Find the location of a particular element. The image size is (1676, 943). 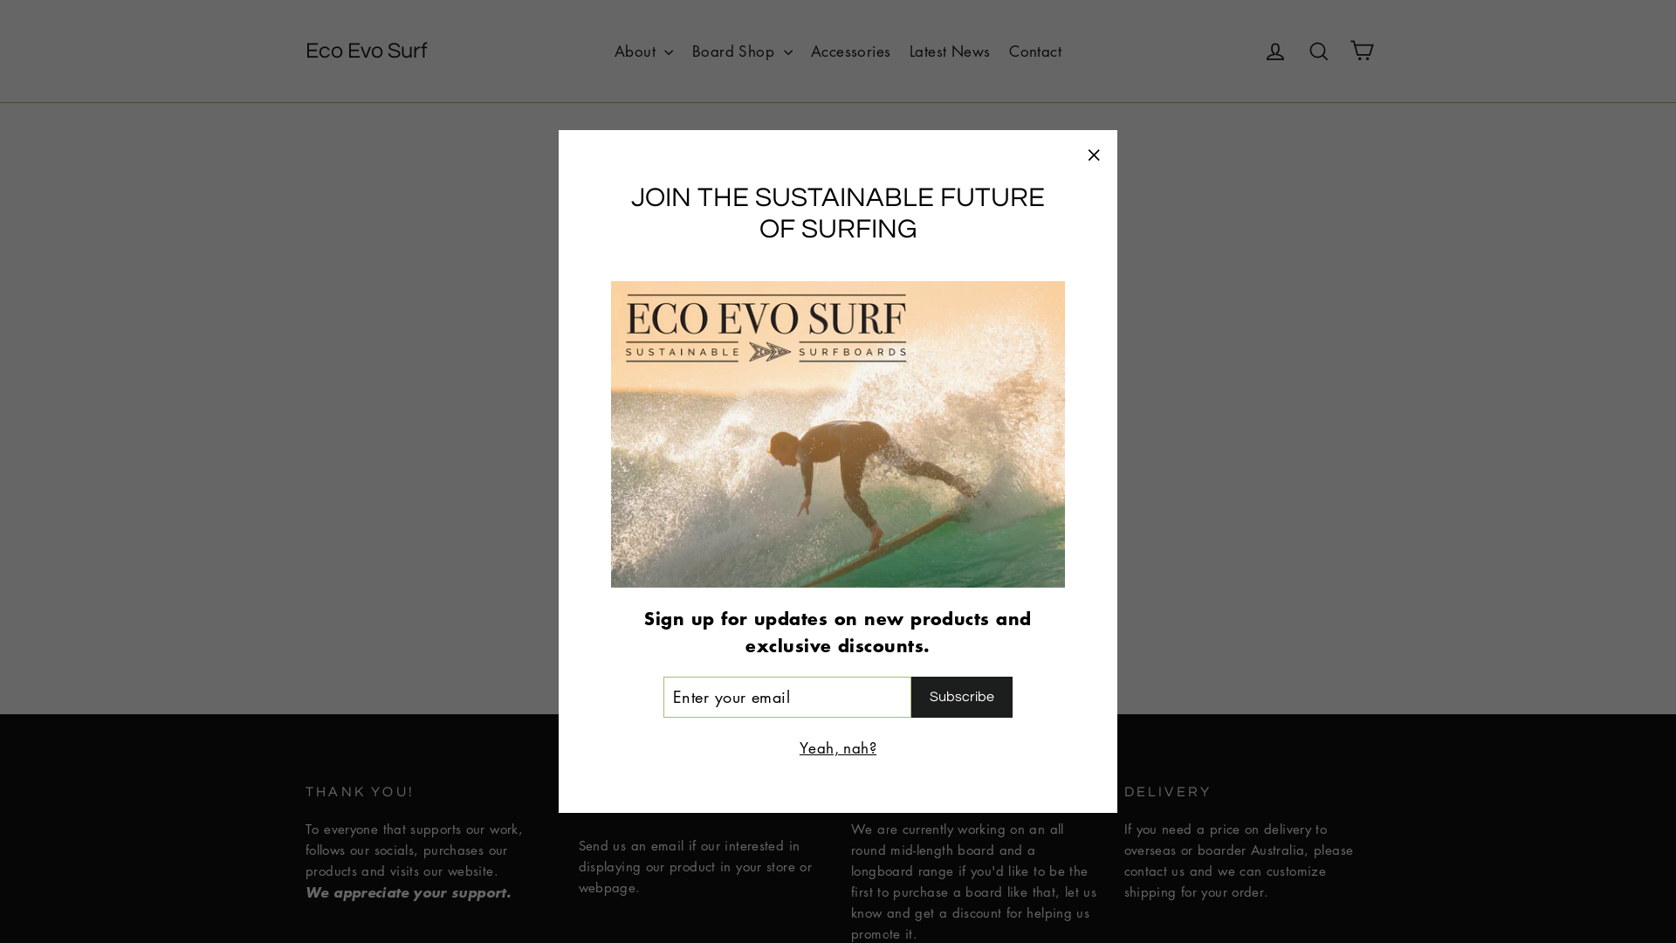

'Contact' is located at coordinates (1034, 49).